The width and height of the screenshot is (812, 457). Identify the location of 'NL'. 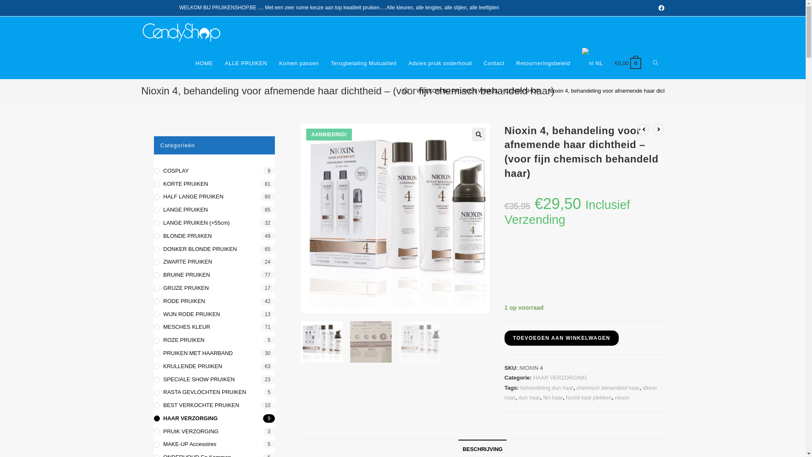
(592, 63).